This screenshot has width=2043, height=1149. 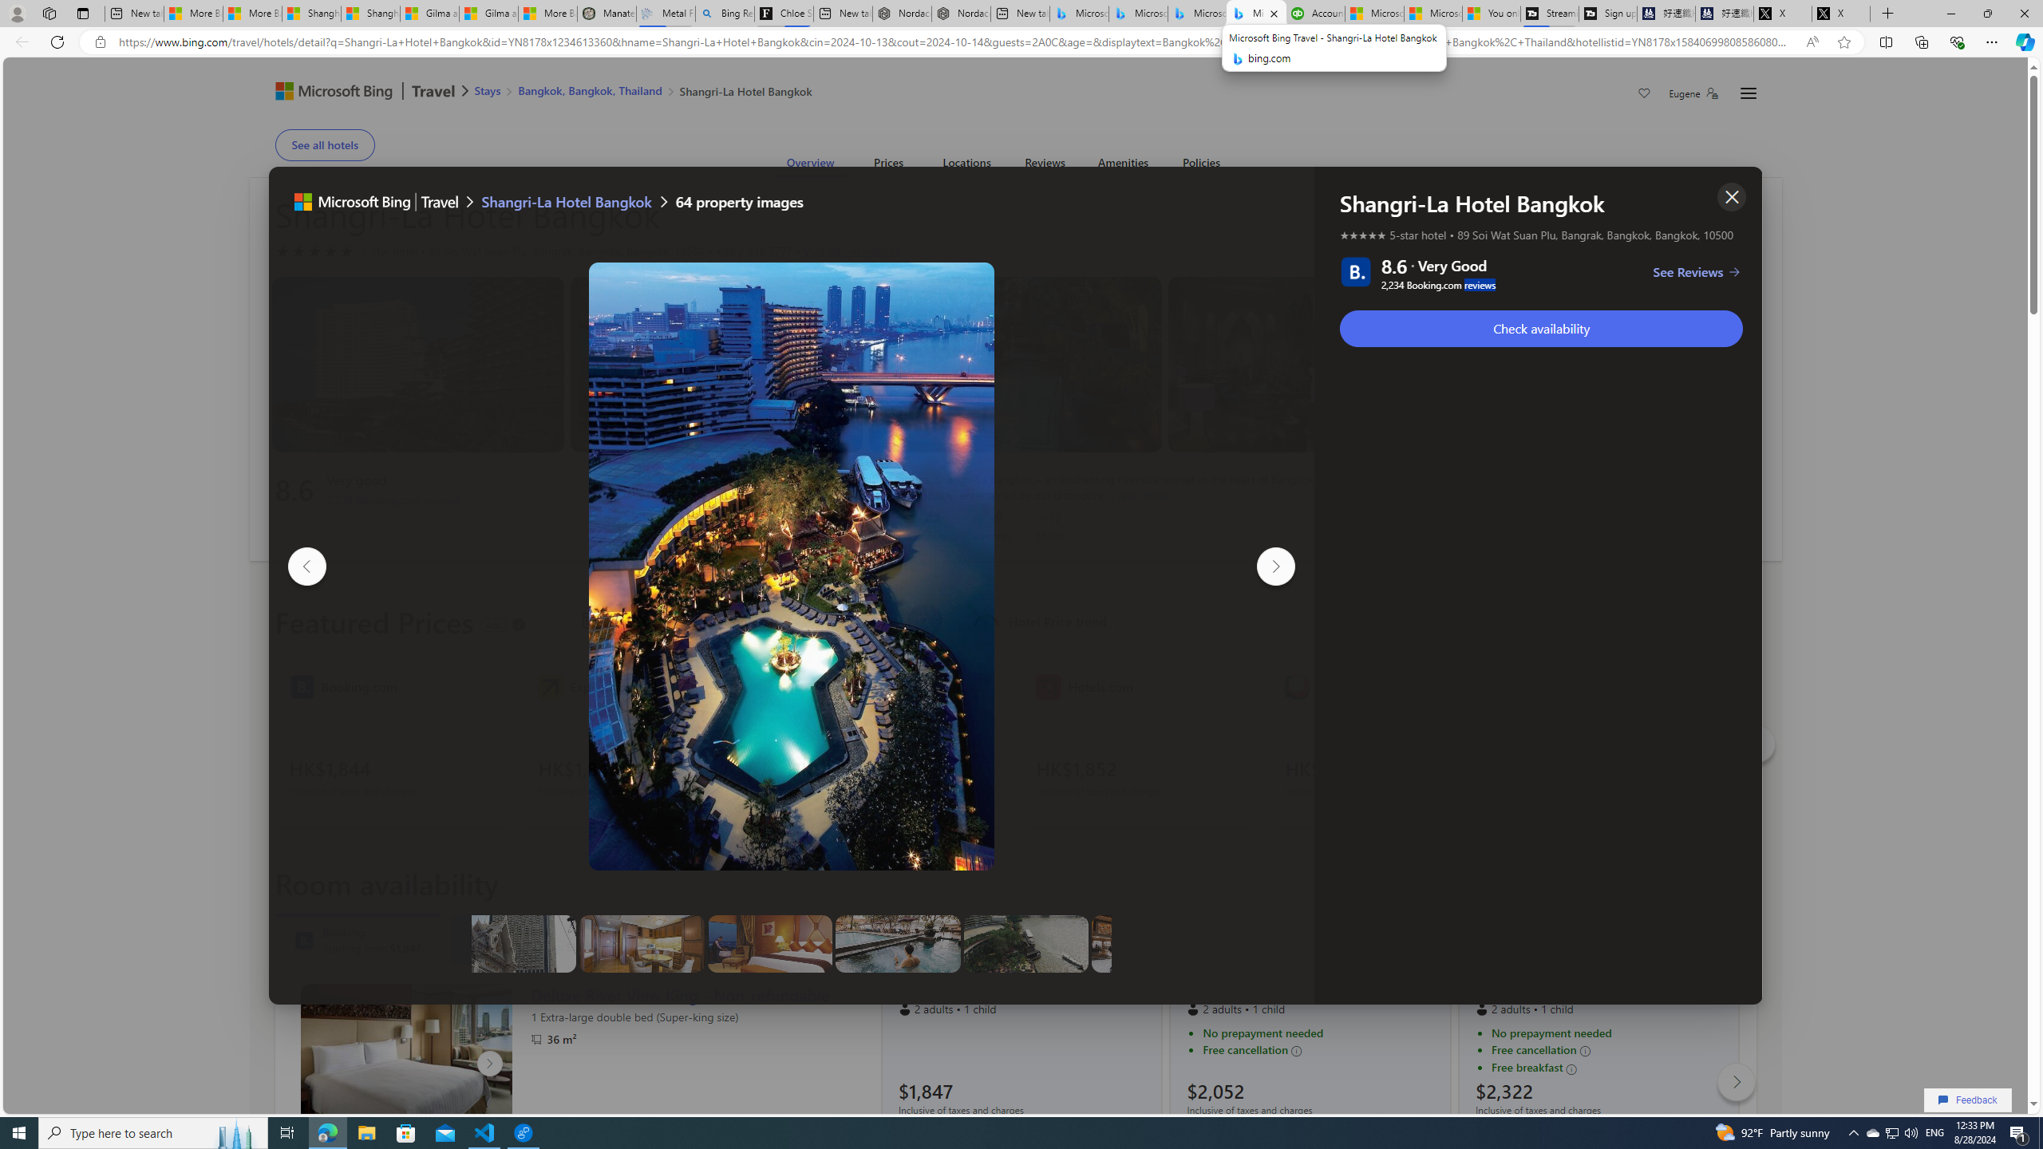 I want to click on 'Chloe Sorvino', so click(x=784, y=13).